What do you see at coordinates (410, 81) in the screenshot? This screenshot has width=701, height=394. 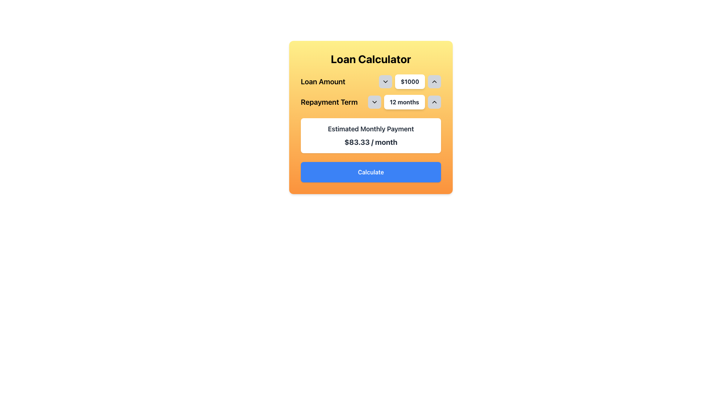 I see `the static text display showing '$1000' that is styled with a bold font and contained within a white rounded rectangular box` at bounding box center [410, 81].